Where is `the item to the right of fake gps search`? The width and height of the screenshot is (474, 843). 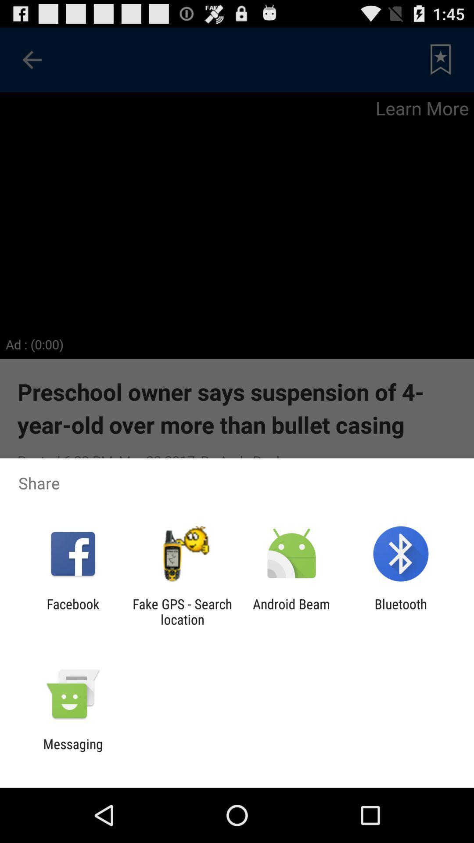
the item to the right of fake gps search is located at coordinates (291, 611).